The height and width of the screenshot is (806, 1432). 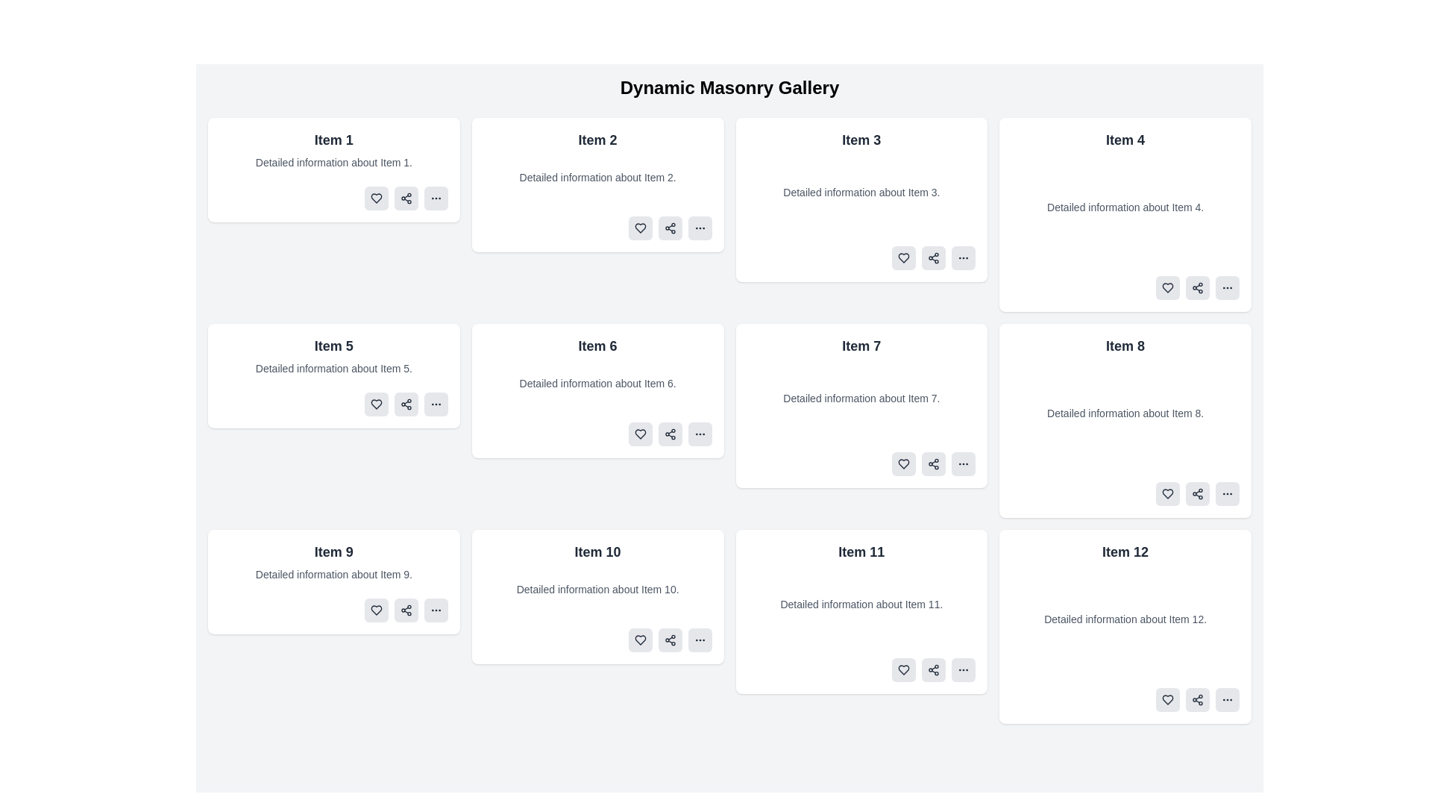 What do you see at coordinates (597, 589) in the screenshot?
I see `descriptive text block associated with the 'Item 10' card, located below the title and above the interactive button area in the second row, third column of the grid` at bounding box center [597, 589].